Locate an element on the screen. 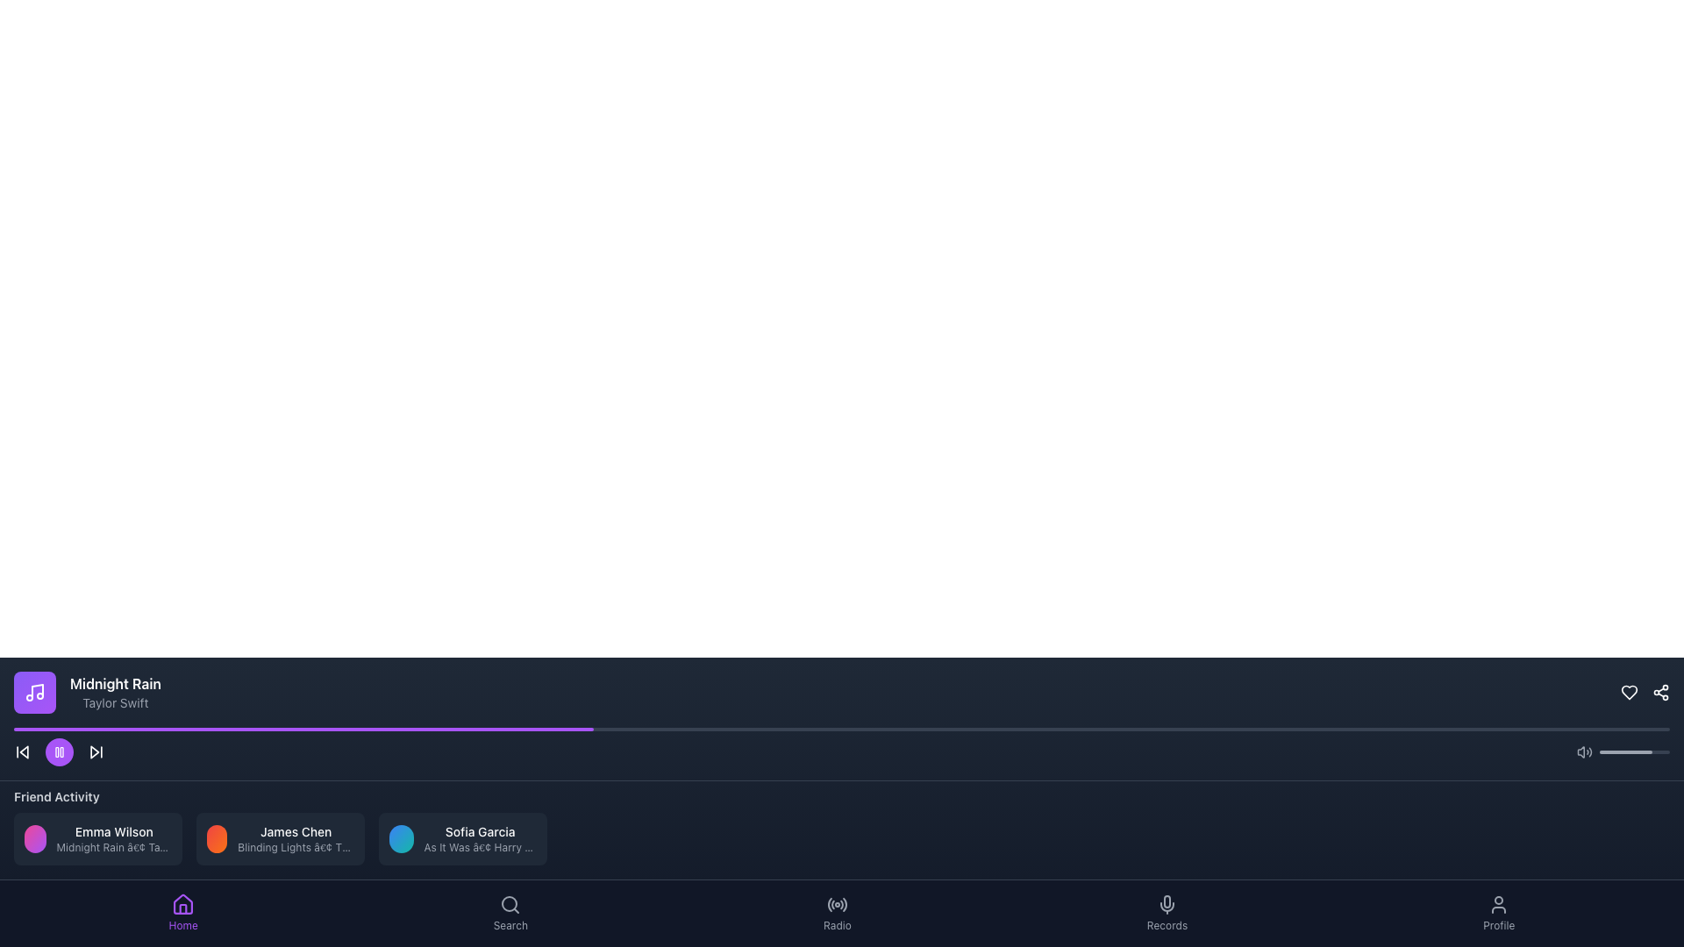 Image resolution: width=1684 pixels, height=947 pixels. the circular decorative element with a gradient color scheme transitioning from blue to teal, located on the left side of the card displaying 'Sofia Garcia As It Was • Harry Styles' in the 'Activity' section is located at coordinates (400, 837).